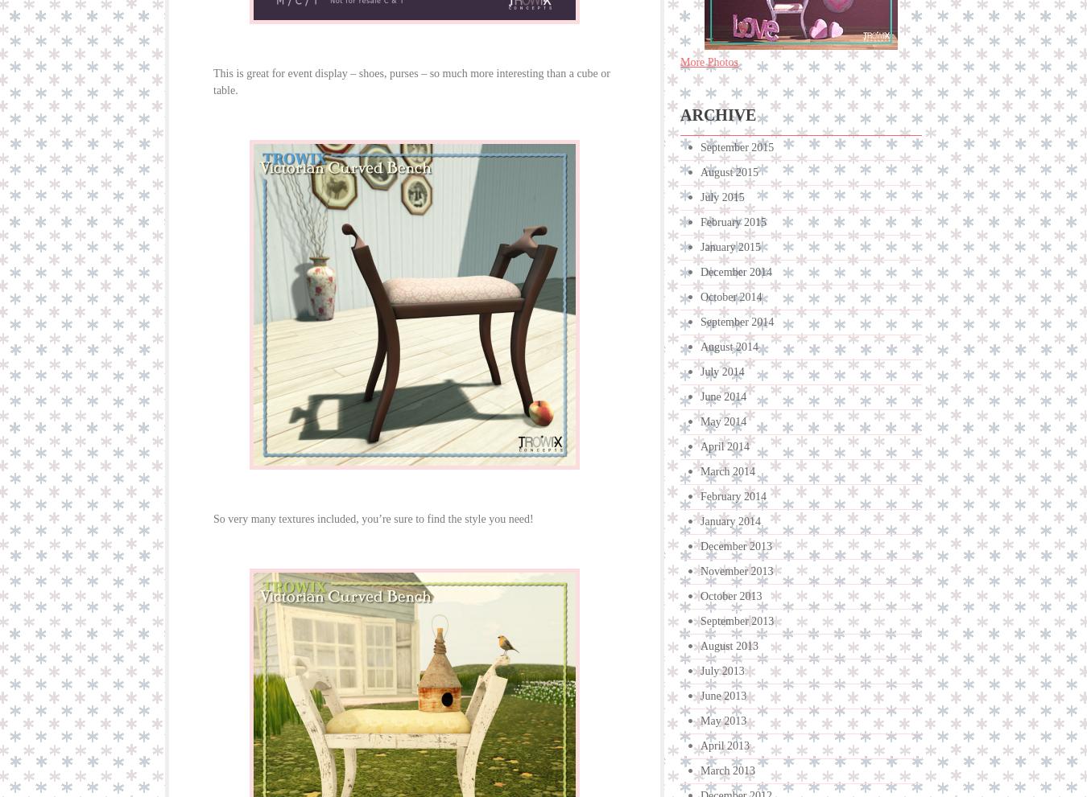 The image size is (1087, 797). I want to click on 'August 2015', so click(728, 171).